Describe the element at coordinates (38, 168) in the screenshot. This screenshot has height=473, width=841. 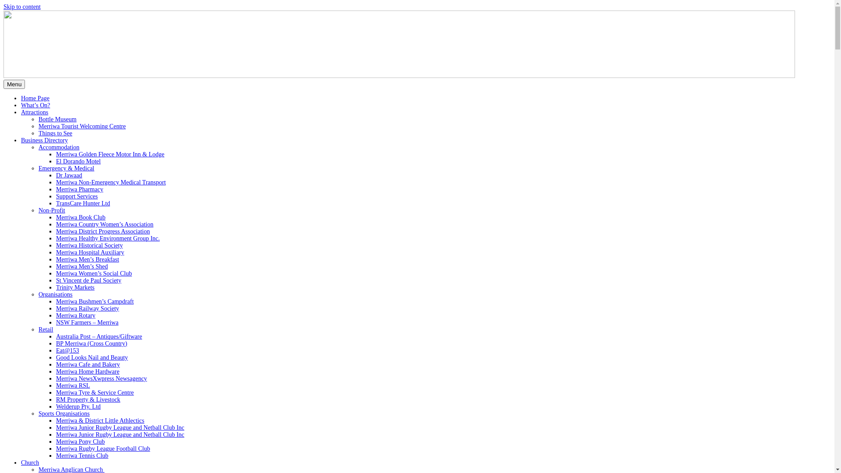
I see `'Emergency & Medical'` at that location.